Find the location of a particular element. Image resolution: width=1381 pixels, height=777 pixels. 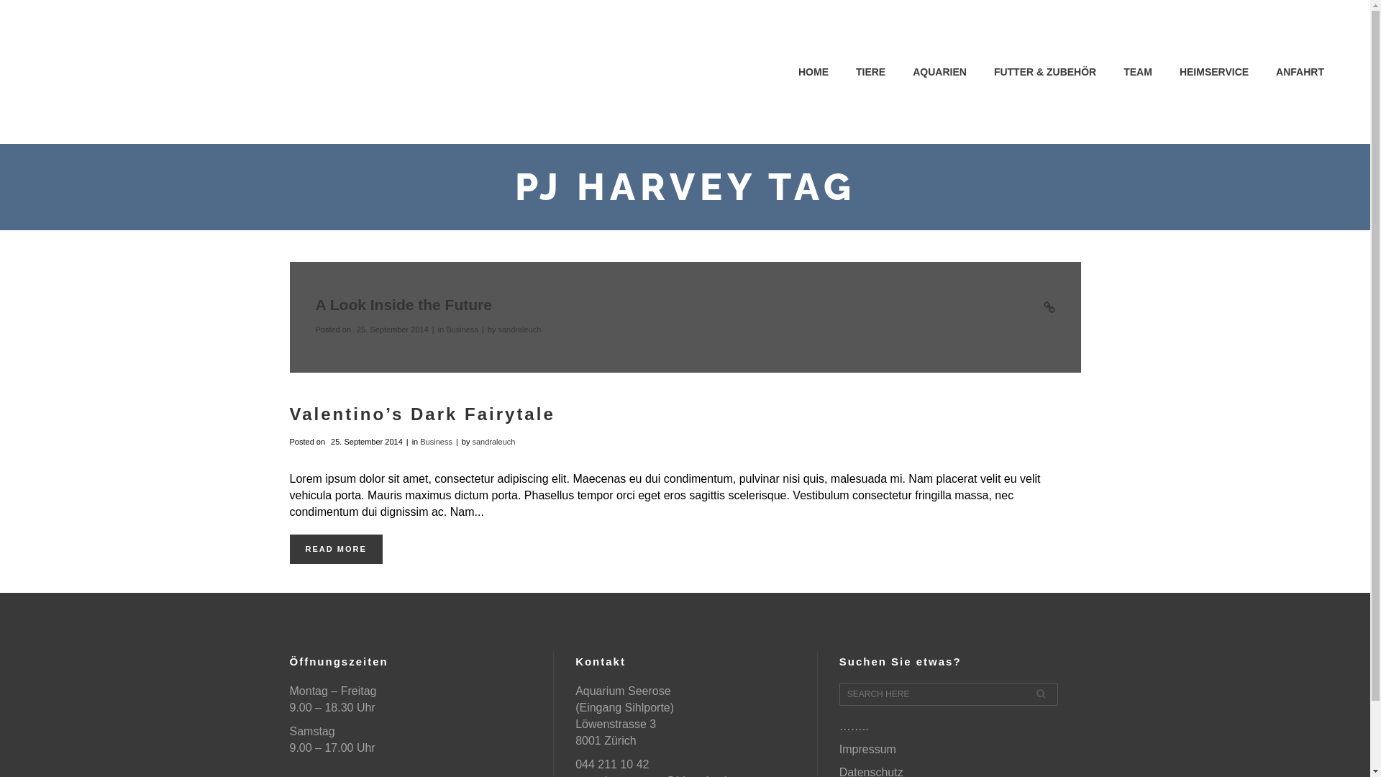

'HEIMSERVICE' is located at coordinates (1213, 72).